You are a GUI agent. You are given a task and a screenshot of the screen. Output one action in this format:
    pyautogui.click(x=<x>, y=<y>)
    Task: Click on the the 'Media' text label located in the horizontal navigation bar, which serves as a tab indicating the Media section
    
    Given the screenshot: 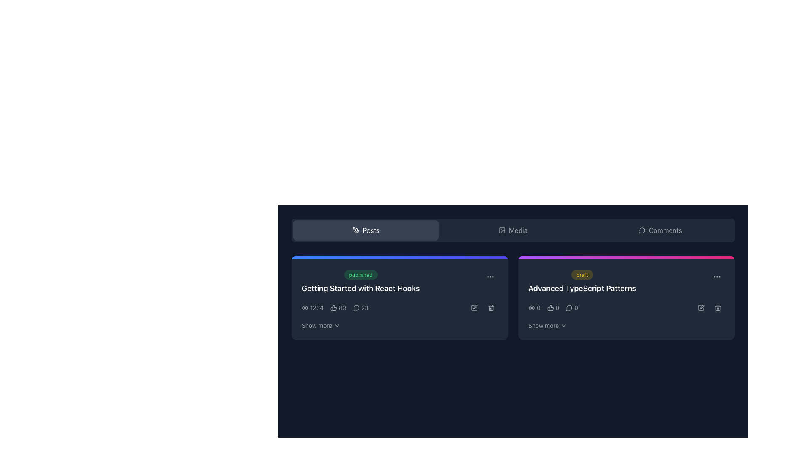 What is the action you would take?
    pyautogui.click(x=517, y=230)
    